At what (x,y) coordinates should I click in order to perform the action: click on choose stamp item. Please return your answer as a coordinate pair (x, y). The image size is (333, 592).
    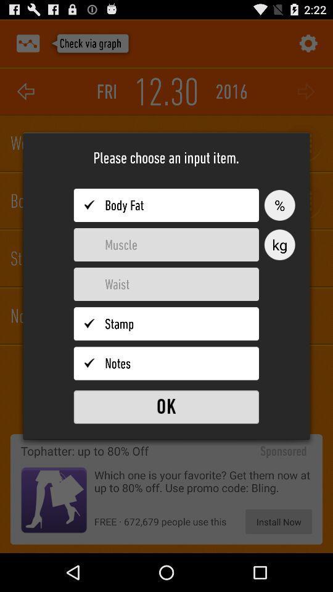
    Looking at the image, I should click on (166, 323).